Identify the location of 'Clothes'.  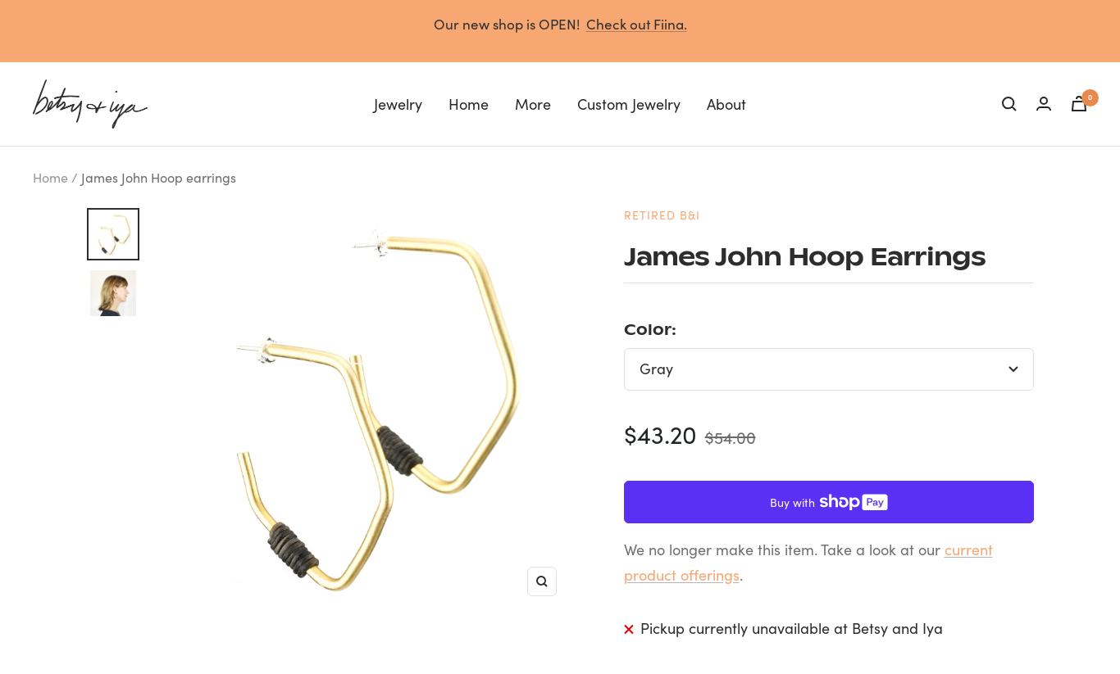
(262, 190).